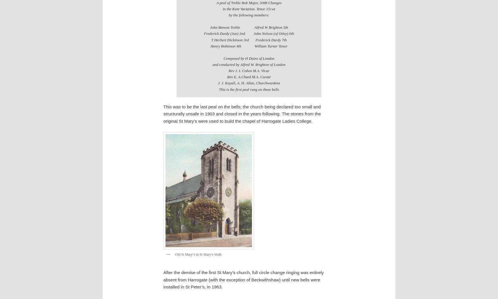  What do you see at coordinates (248, 27) in the screenshot?
I see `'John Benson Treble               Alfred W Brighton 5th'` at bounding box center [248, 27].